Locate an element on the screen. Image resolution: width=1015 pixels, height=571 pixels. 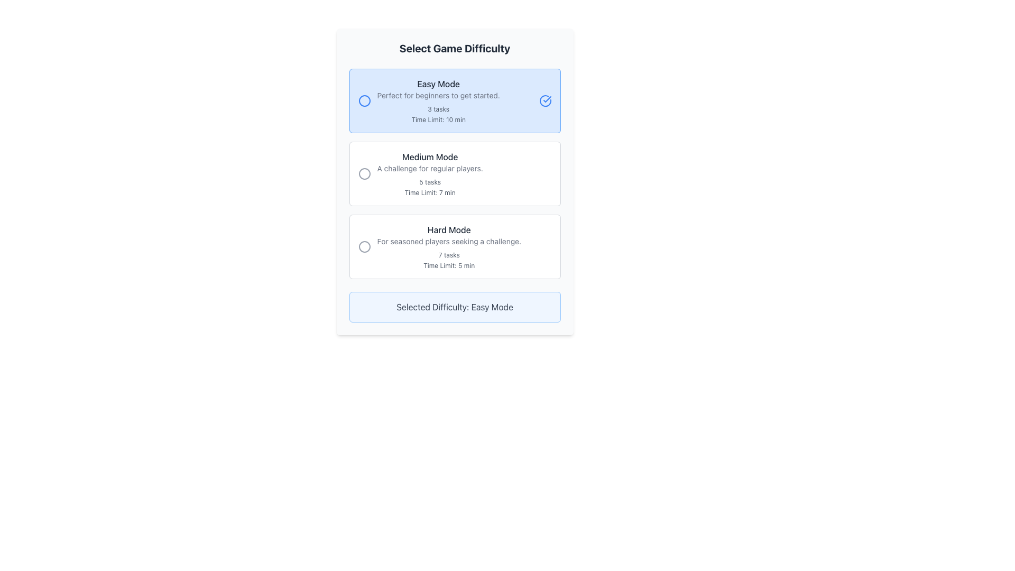
the Text Display element that indicates the currently selected difficulty level, located below the 'Hard Mode' selection in the vertical list is located at coordinates (455, 307).